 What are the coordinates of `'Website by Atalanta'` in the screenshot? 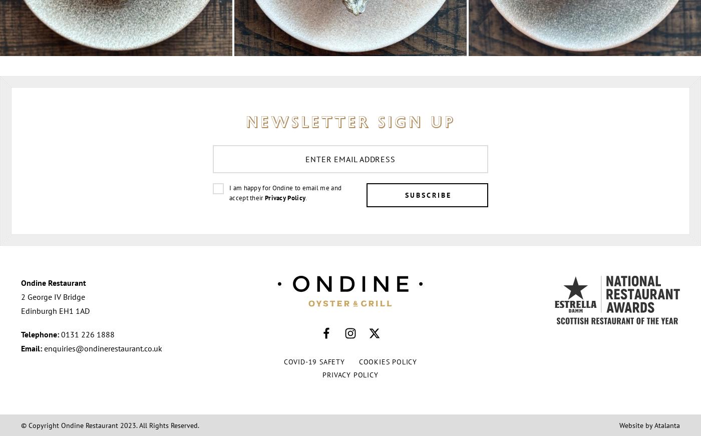 It's located at (619, 425).